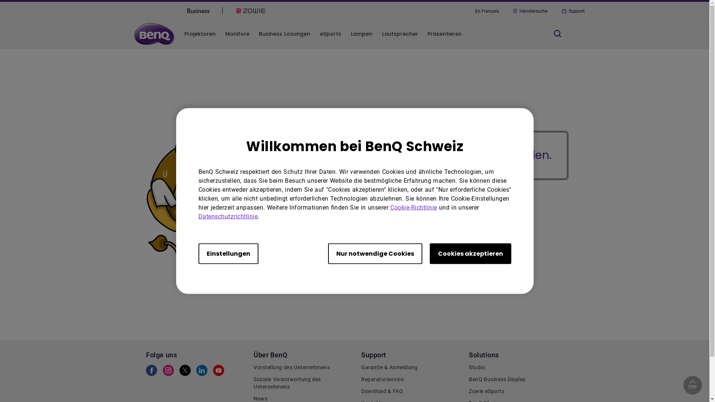  I want to click on 'Zowie eSports', so click(468, 391).